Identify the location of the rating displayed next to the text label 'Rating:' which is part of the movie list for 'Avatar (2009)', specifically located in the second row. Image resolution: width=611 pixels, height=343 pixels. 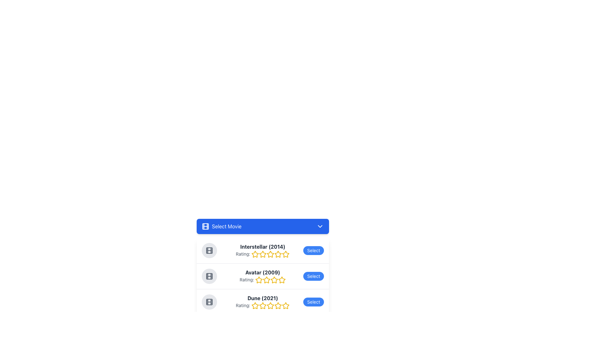
(263, 280).